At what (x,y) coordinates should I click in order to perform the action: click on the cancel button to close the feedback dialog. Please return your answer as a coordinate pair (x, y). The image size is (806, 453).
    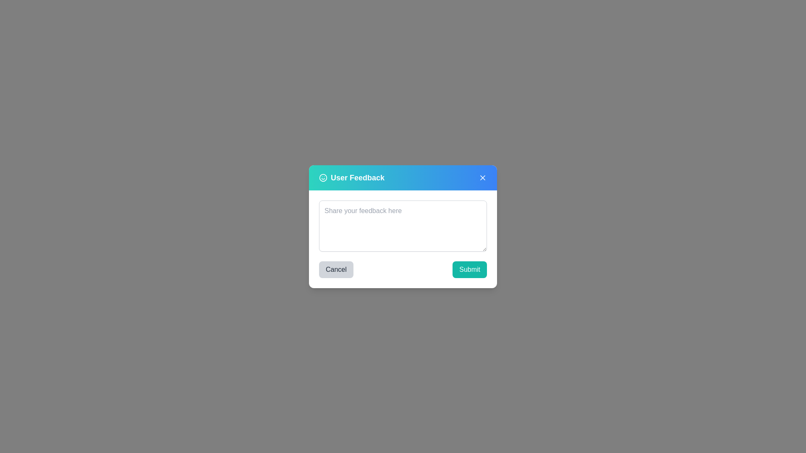
    Looking at the image, I should click on (336, 269).